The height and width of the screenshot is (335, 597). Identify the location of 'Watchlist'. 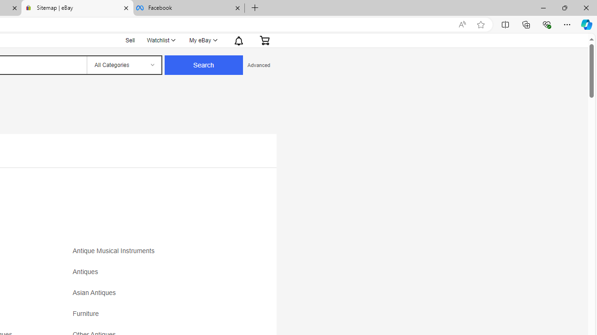
(160, 40).